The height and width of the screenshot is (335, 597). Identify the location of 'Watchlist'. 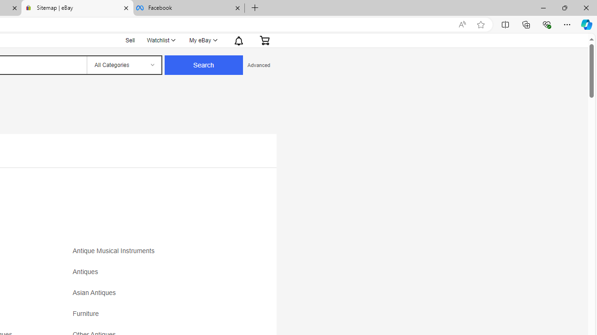
(160, 40).